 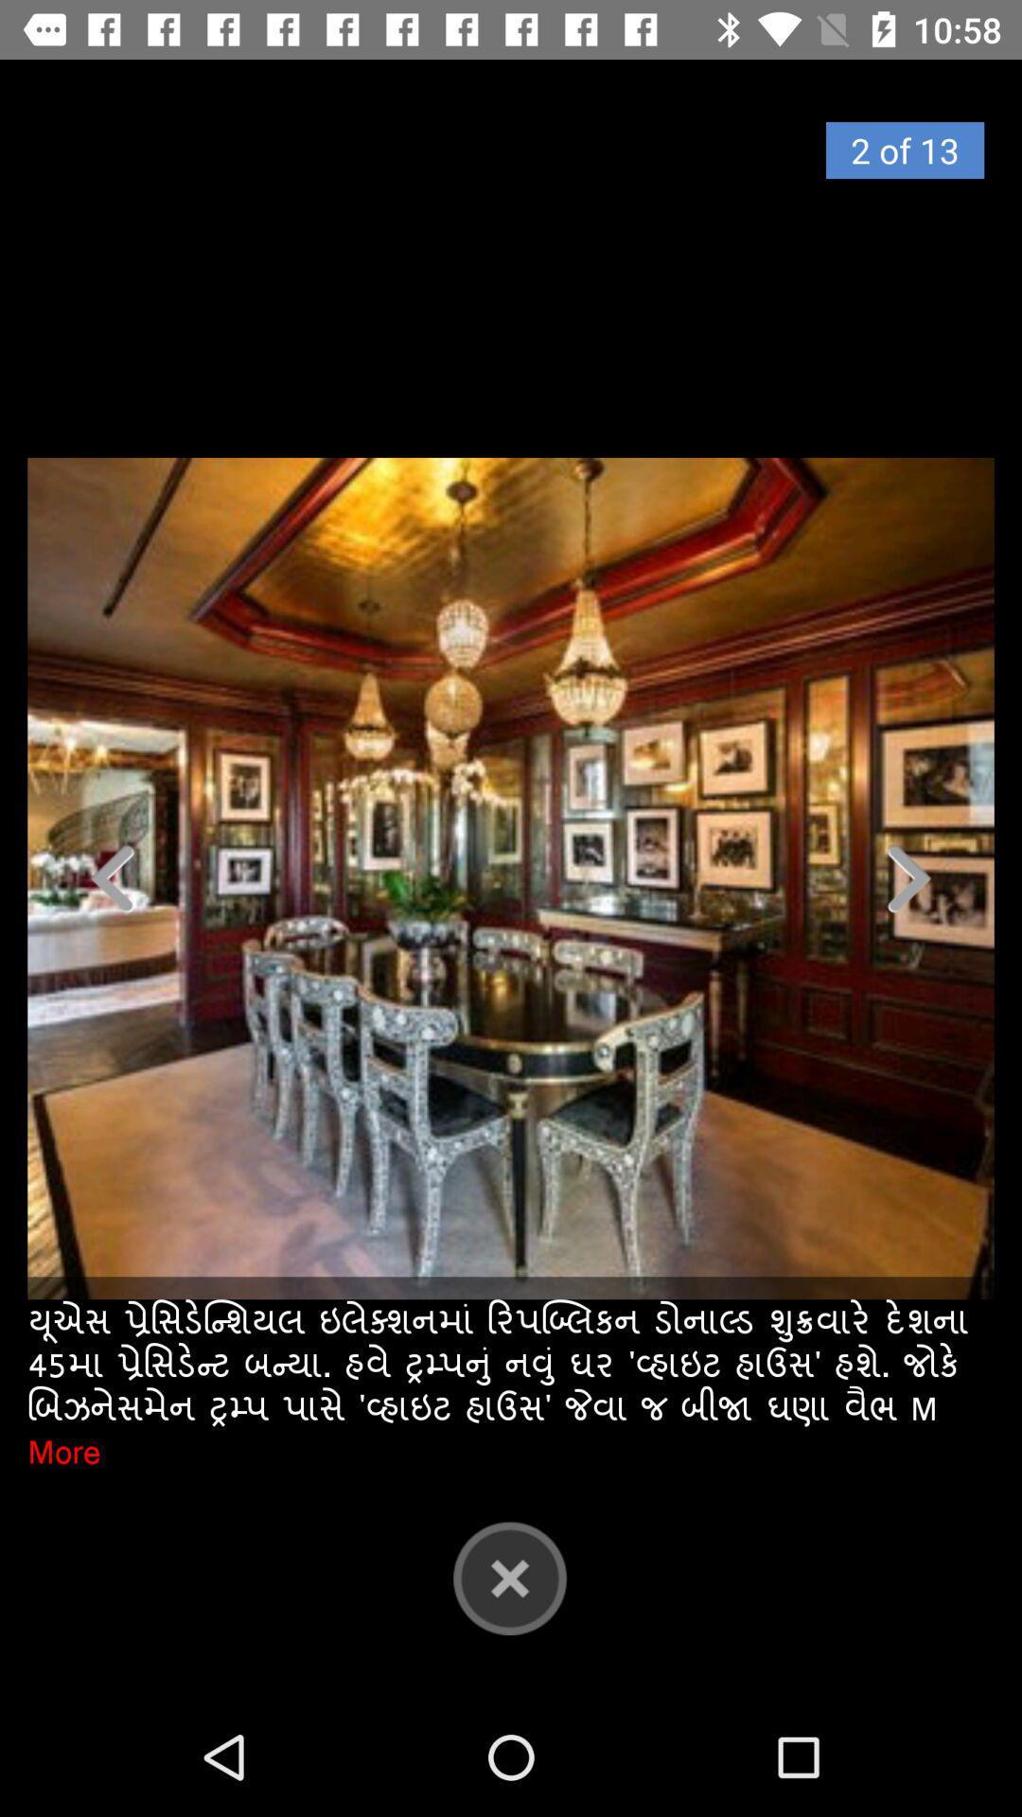 What do you see at coordinates (511, 877) in the screenshot?
I see `photo of dining room` at bounding box center [511, 877].